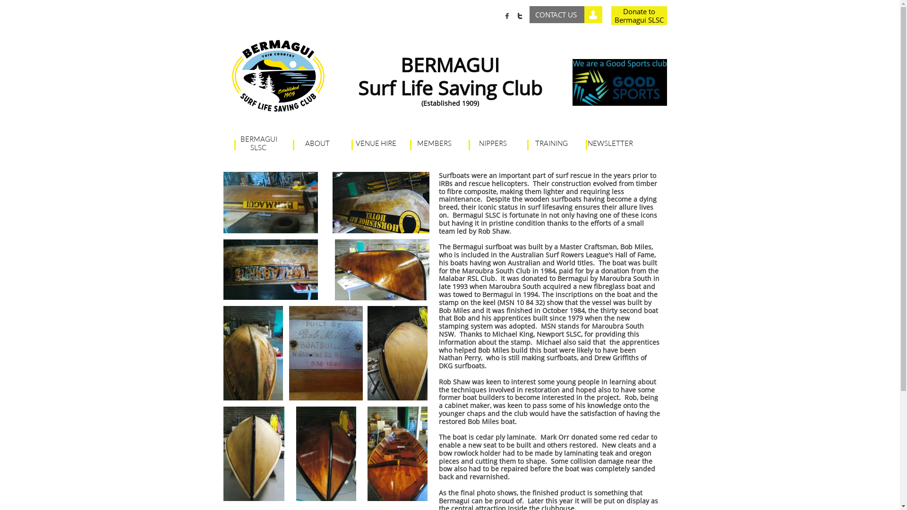 Image resolution: width=907 pixels, height=510 pixels. I want to click on 'Donate to Bermagui SLSC', so click(611, 16).